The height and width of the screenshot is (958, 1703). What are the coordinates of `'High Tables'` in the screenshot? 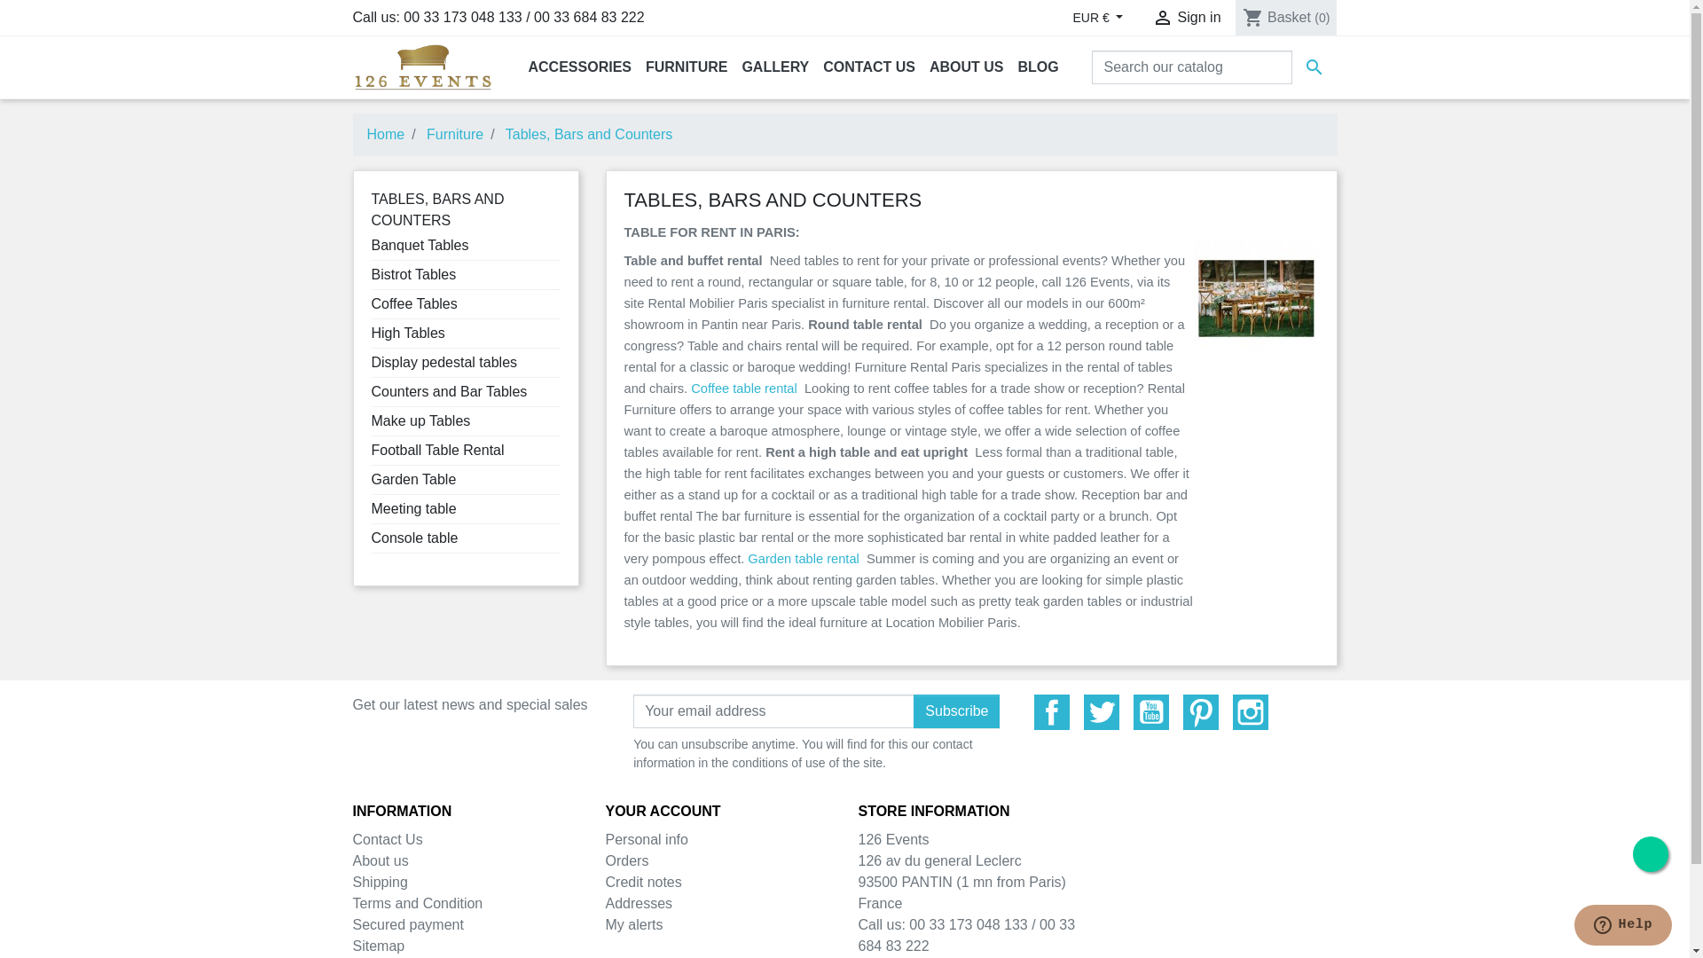 It's located at (406, 333).